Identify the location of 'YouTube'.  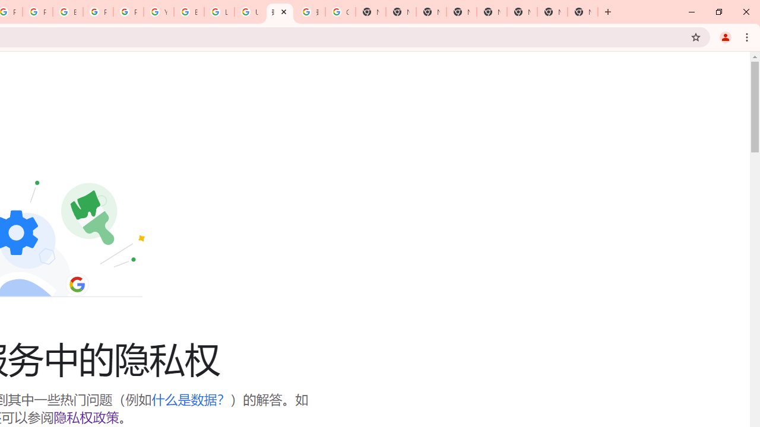
(158, 12).